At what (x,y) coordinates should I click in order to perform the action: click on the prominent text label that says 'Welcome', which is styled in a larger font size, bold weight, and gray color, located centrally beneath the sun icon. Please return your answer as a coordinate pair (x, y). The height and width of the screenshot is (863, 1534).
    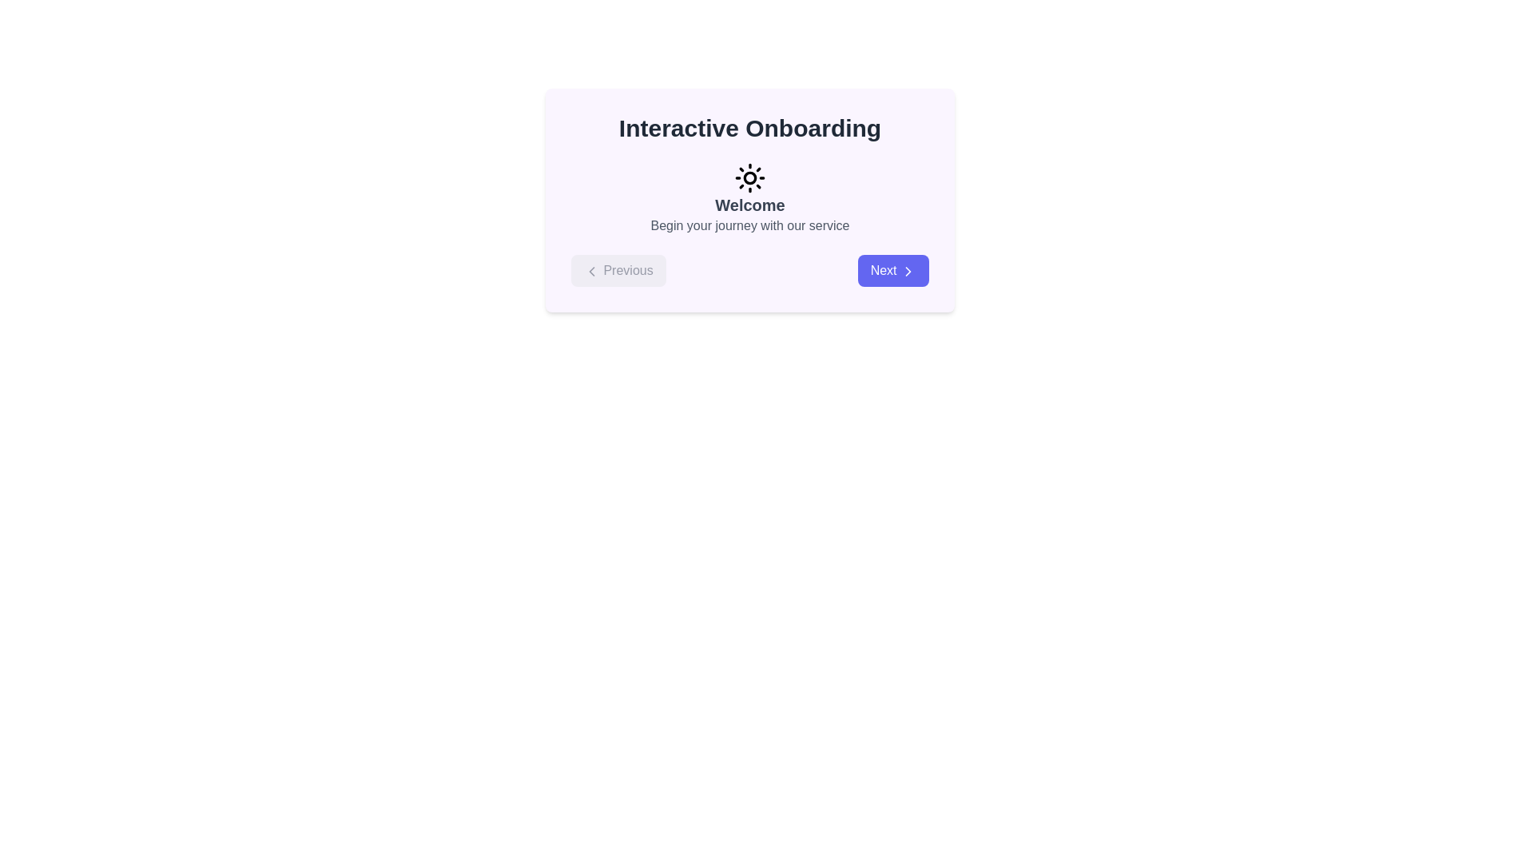
    Looking at the image, I should click on (749, 205).